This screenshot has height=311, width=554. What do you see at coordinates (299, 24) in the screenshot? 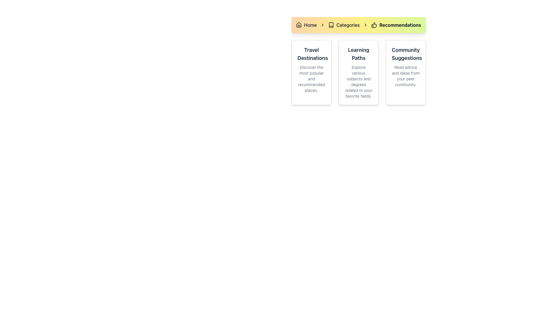
I see `the 'Home' icon in the navigation bar` at bounding box center [299, 24].